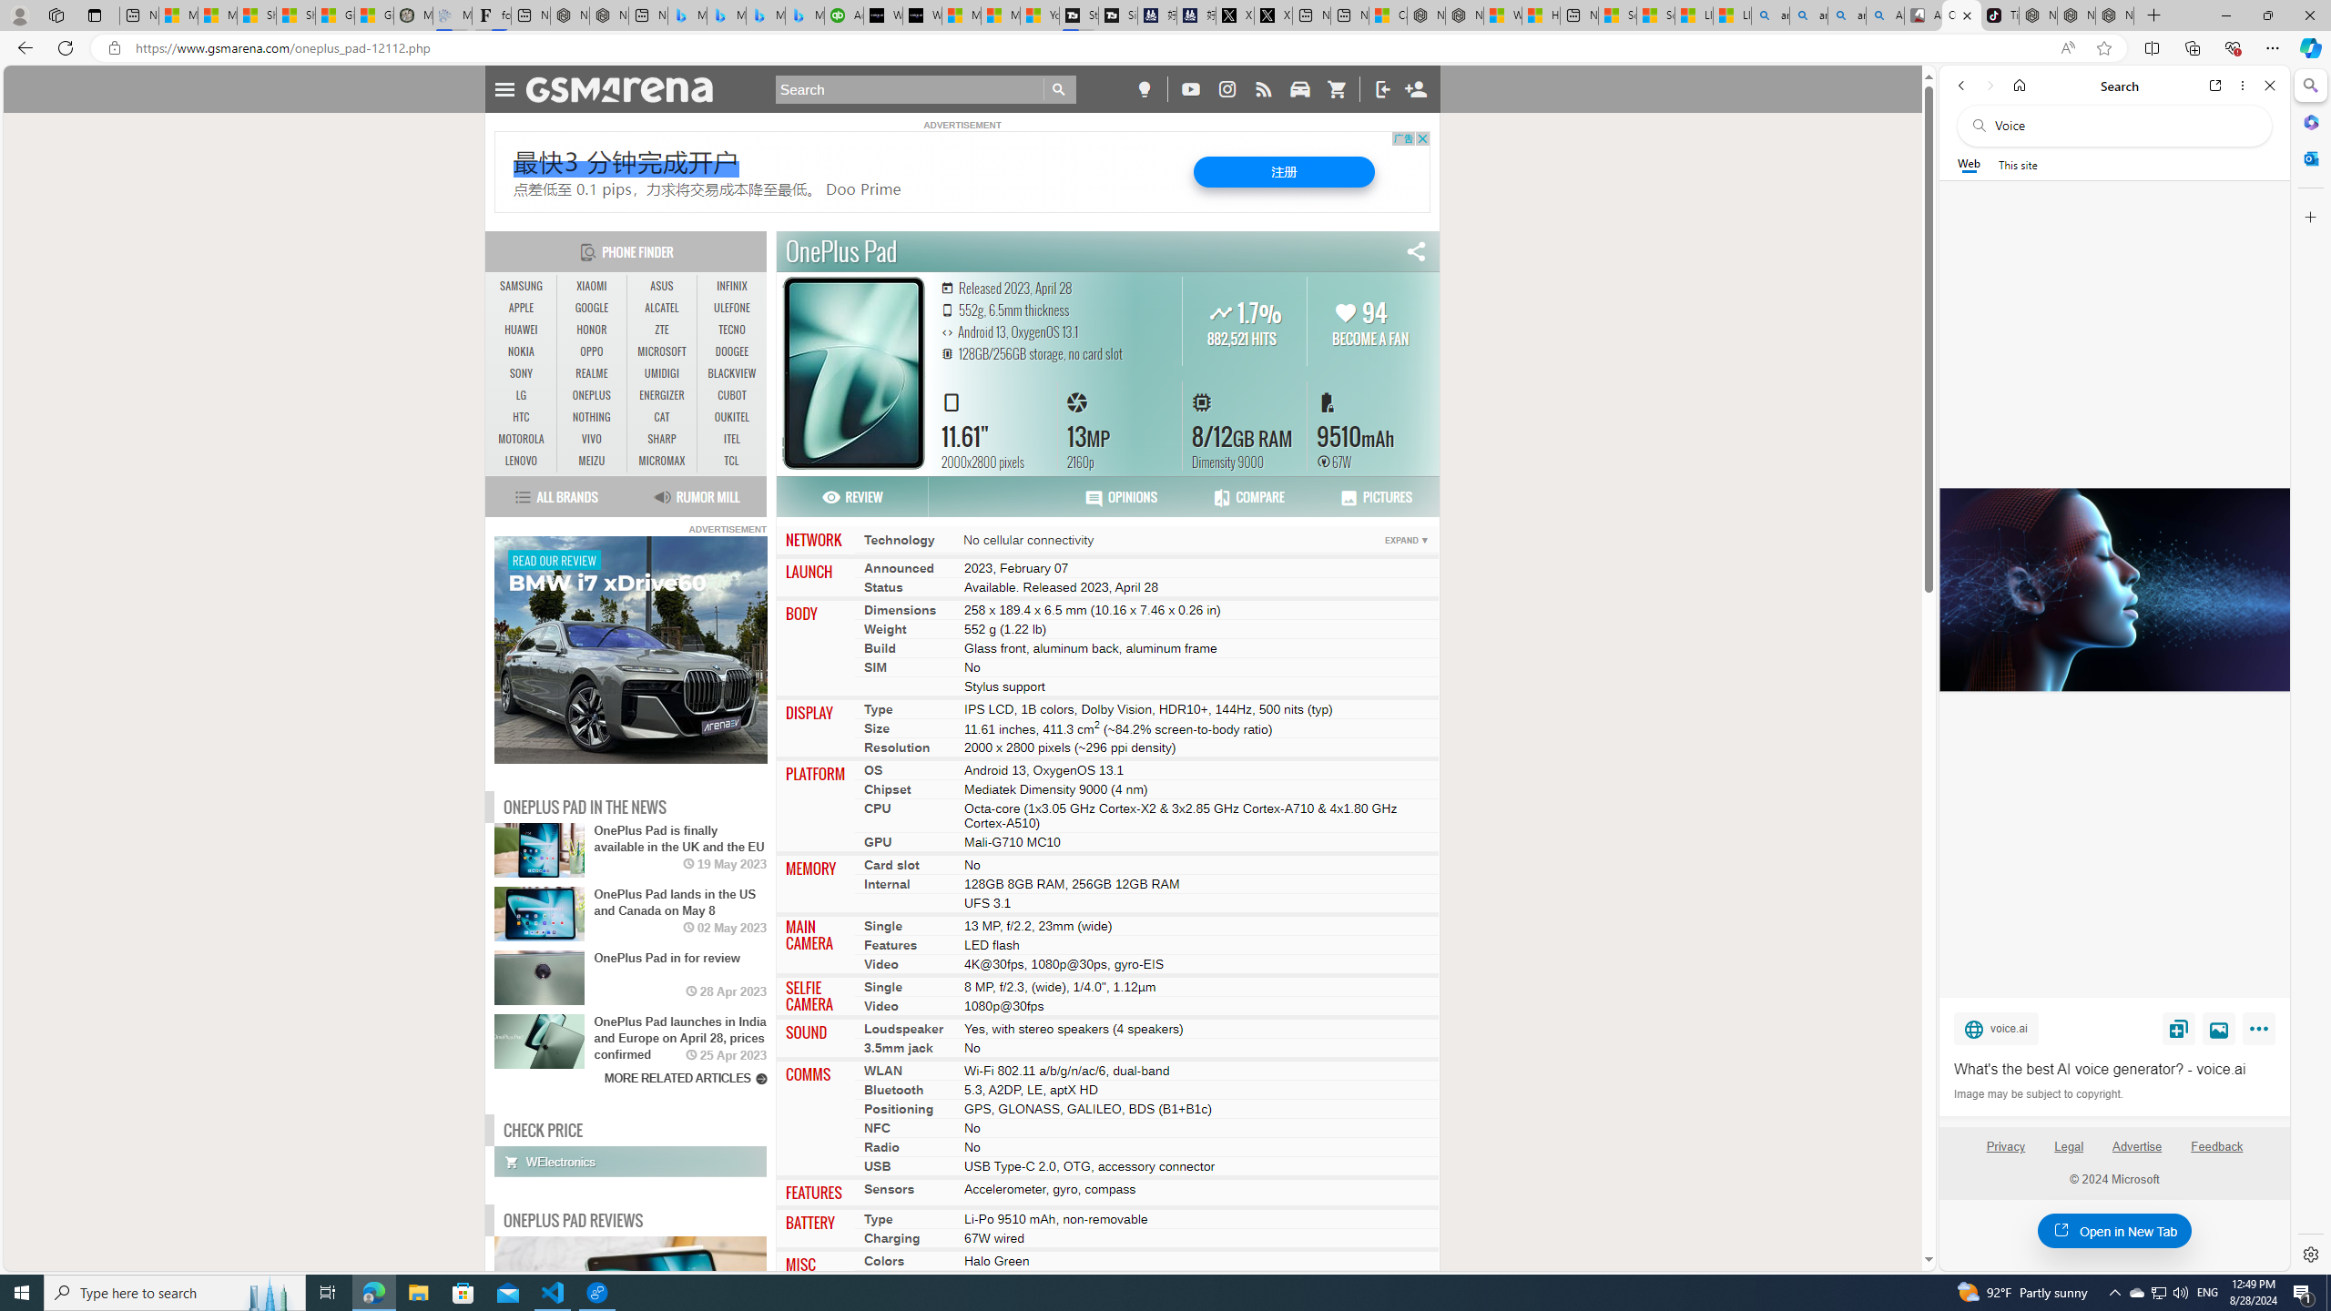 This screenshot has width=2331, height=1311. I want to click on 'APPLE', so click(521, 307).